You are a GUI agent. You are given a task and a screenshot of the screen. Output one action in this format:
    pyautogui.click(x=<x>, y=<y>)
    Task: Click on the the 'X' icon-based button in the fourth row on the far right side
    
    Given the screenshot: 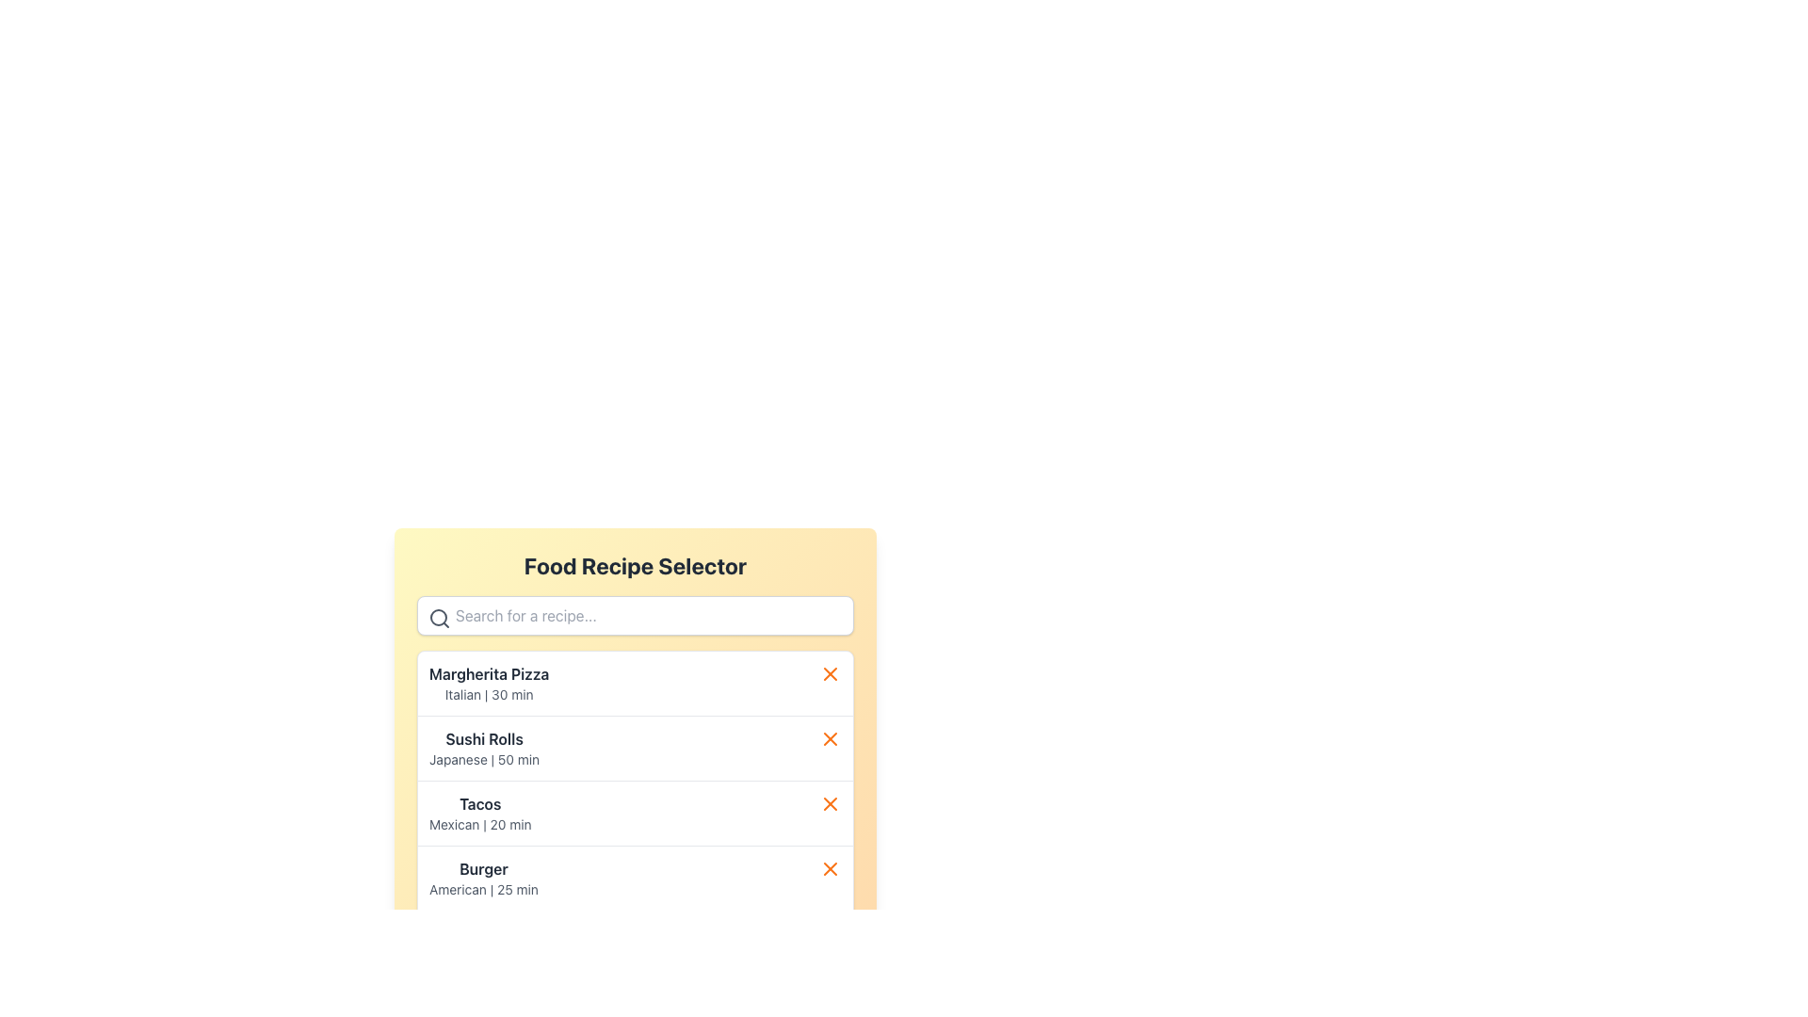 What is the action you would take?
    pyautogui.click(x=830, y=868)
    